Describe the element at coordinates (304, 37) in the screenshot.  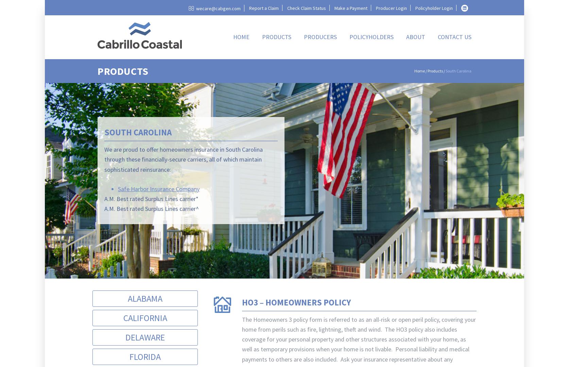
I see `'Producers'` at that location.